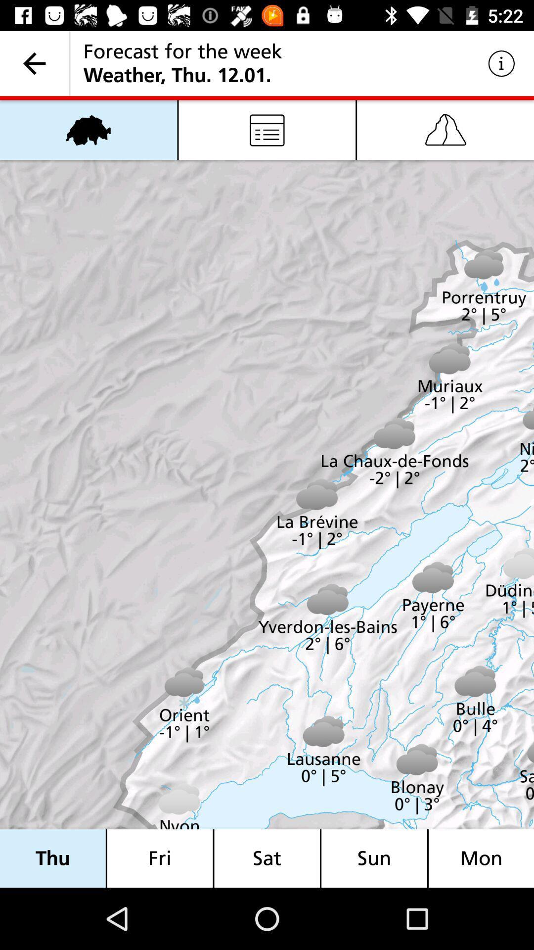  Describe the element at coordinates (159, 858) in the screenshot. I see `item to the left of the sat icon` at that location.